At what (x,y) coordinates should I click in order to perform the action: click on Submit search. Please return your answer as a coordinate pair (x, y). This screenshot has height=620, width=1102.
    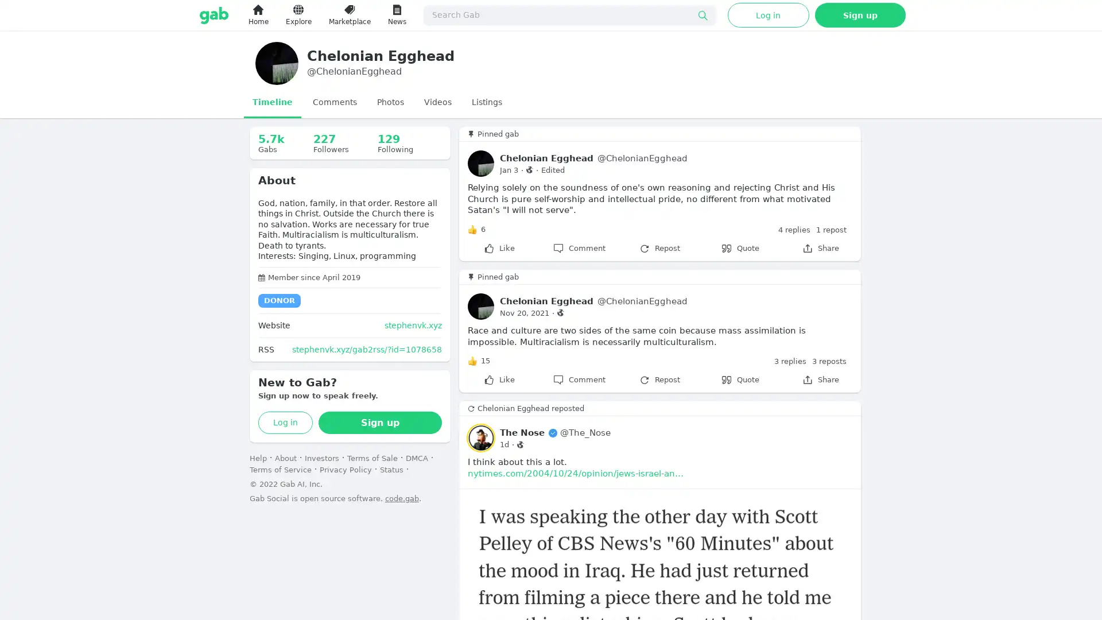
    Looking at the image, I should click on (702, 15).